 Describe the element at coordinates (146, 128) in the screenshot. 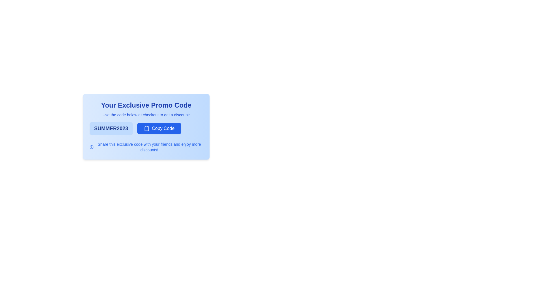

I see `the visual indicator icon located to the left of the 'Copy Code' button, which enhances the clarity of the button's purpose` at that location.